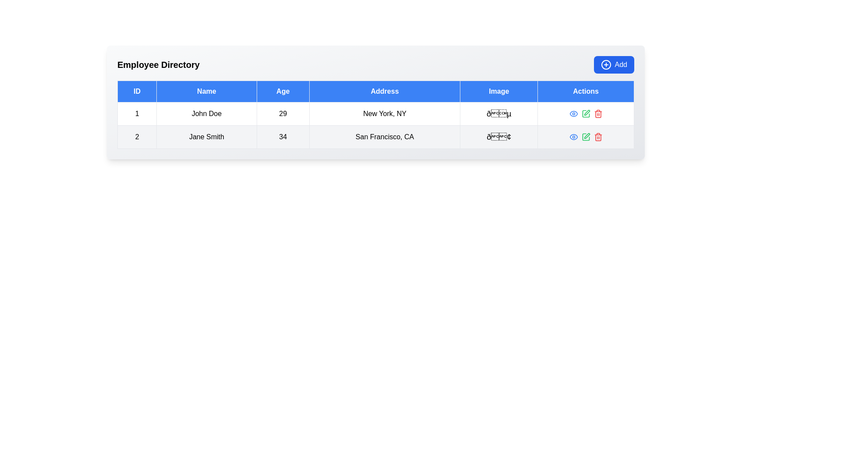 The image size is (841, 473). Describe the element at coordinates (499, 91) in the screenshot. I see `the text label in the fifth column of the table header that has a blue background and white text reading 'Image'` at that location.